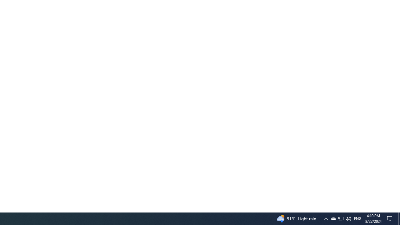 The image size is (400, 225). Describe the element at coordinates (391, 218) in the screenshot. I see `'Action Center, No new notifications'` at that location.